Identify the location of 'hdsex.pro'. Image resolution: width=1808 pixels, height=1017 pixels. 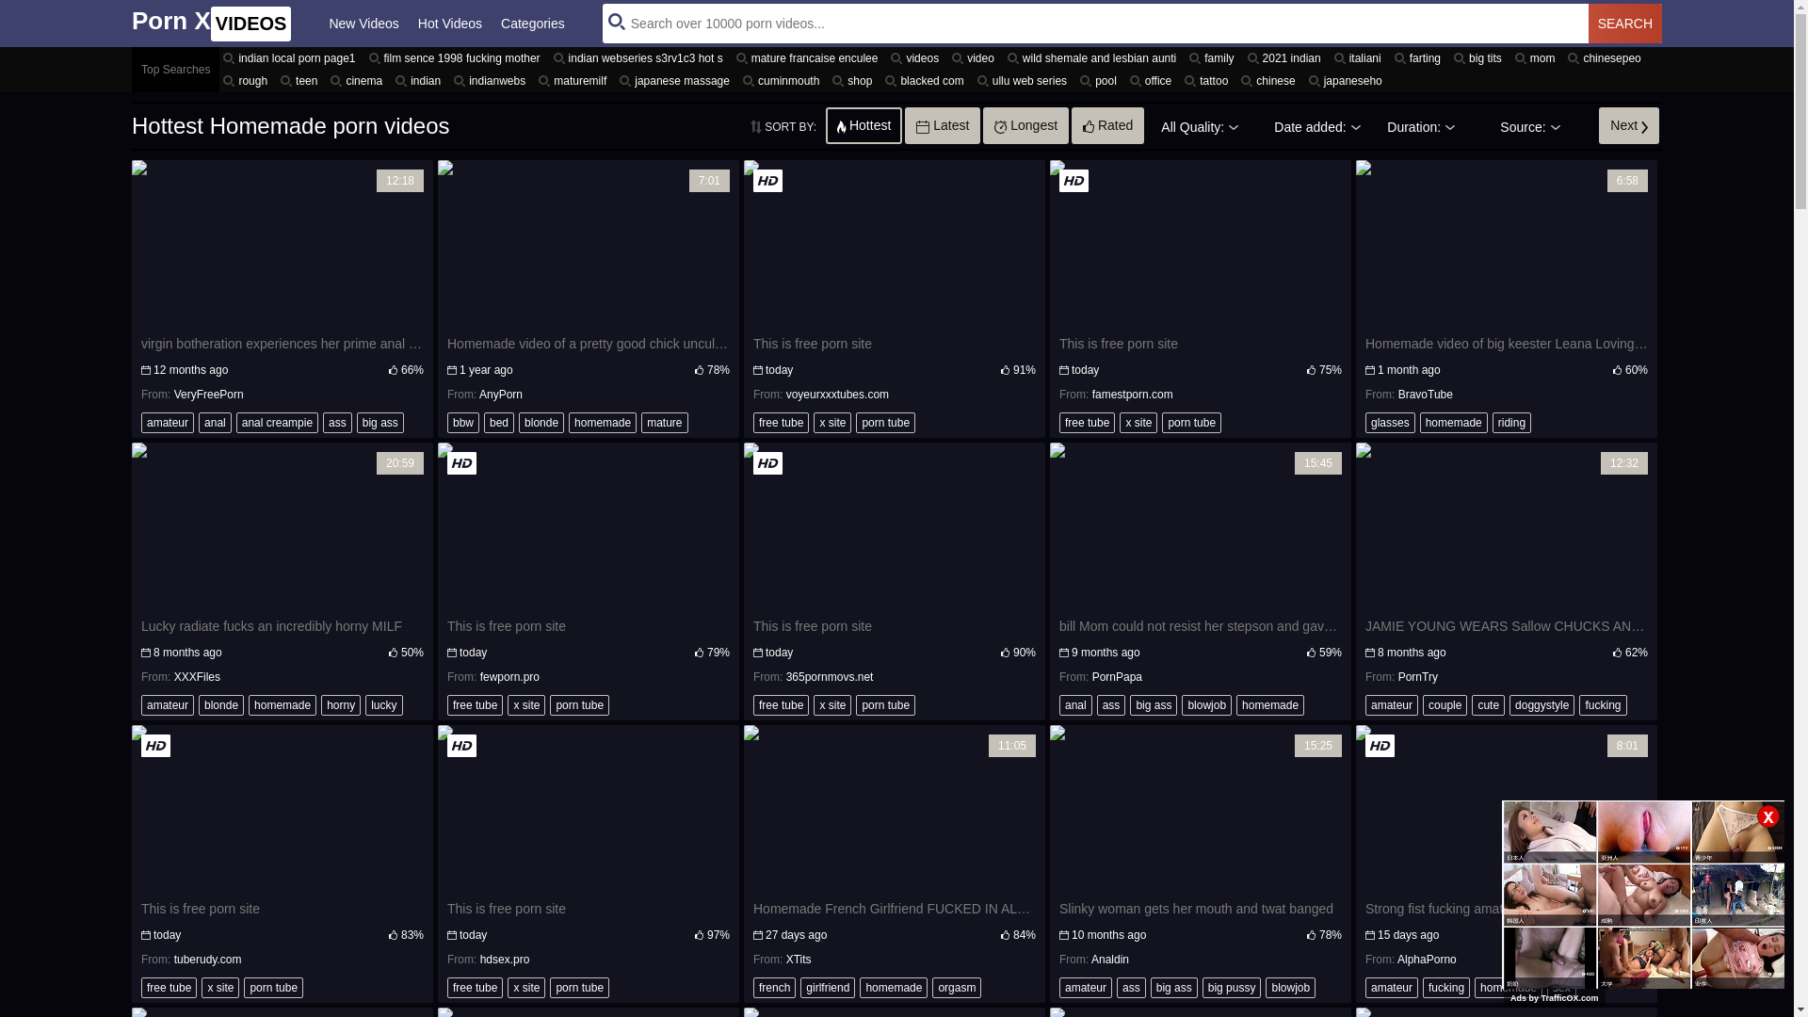
(505, 959).